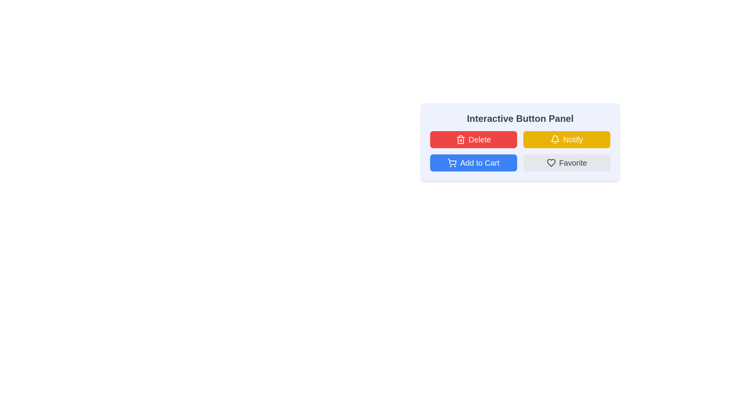  I want to click on the heart-shaped vector graphic representing the 'favorite' functionality in the lower right corner of the 'Interactive Button Panel' to favorite an item, so click(551, 163).